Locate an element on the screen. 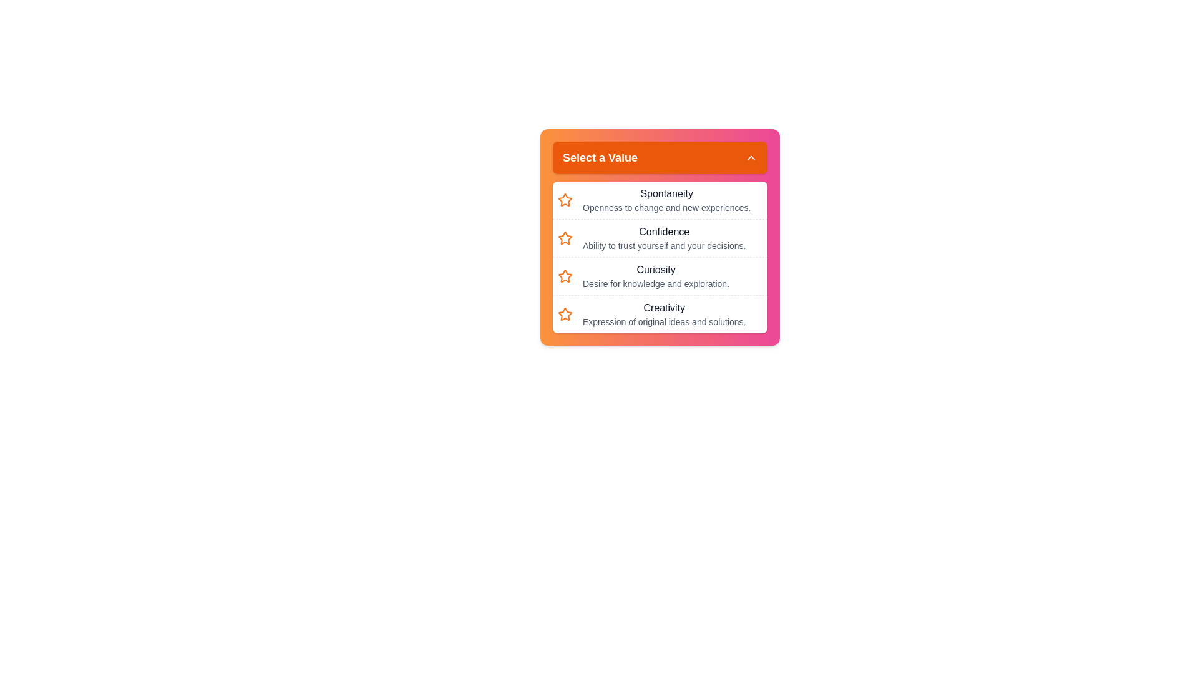 Image resolution: width=1198 pixels, height=674 pixels. the star icon associated with the 'Confidence' list item in the drop-down selection menu, which is the second item from the top is located at coordinates (565, 238).